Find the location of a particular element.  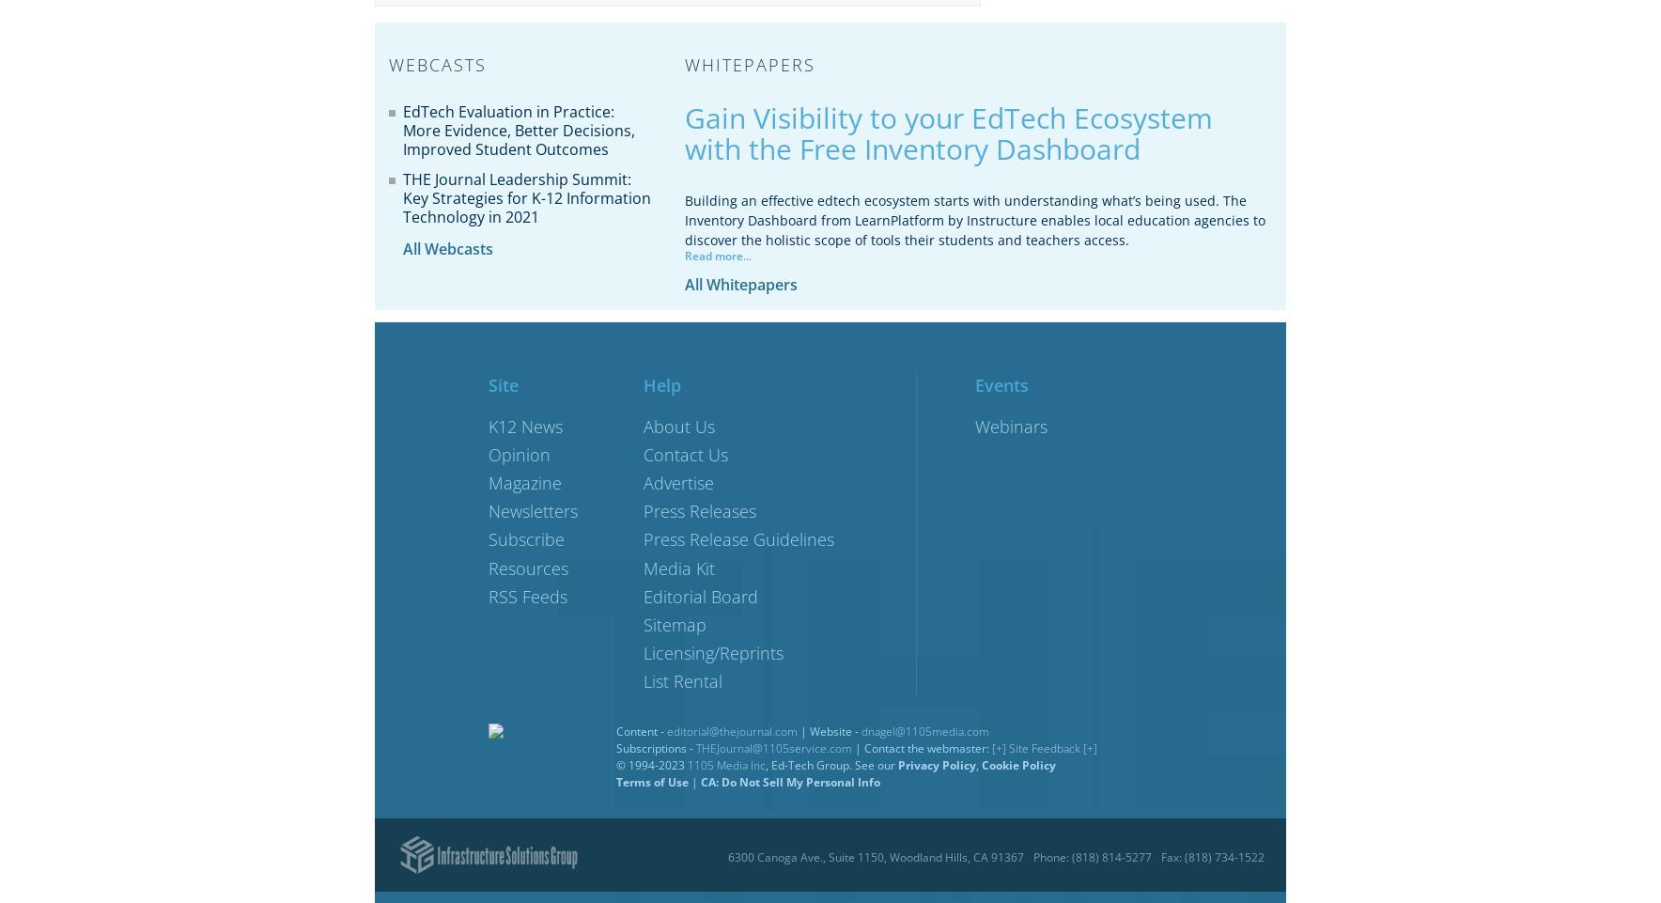

'Media Kit' is located at coordinates (678, 567).